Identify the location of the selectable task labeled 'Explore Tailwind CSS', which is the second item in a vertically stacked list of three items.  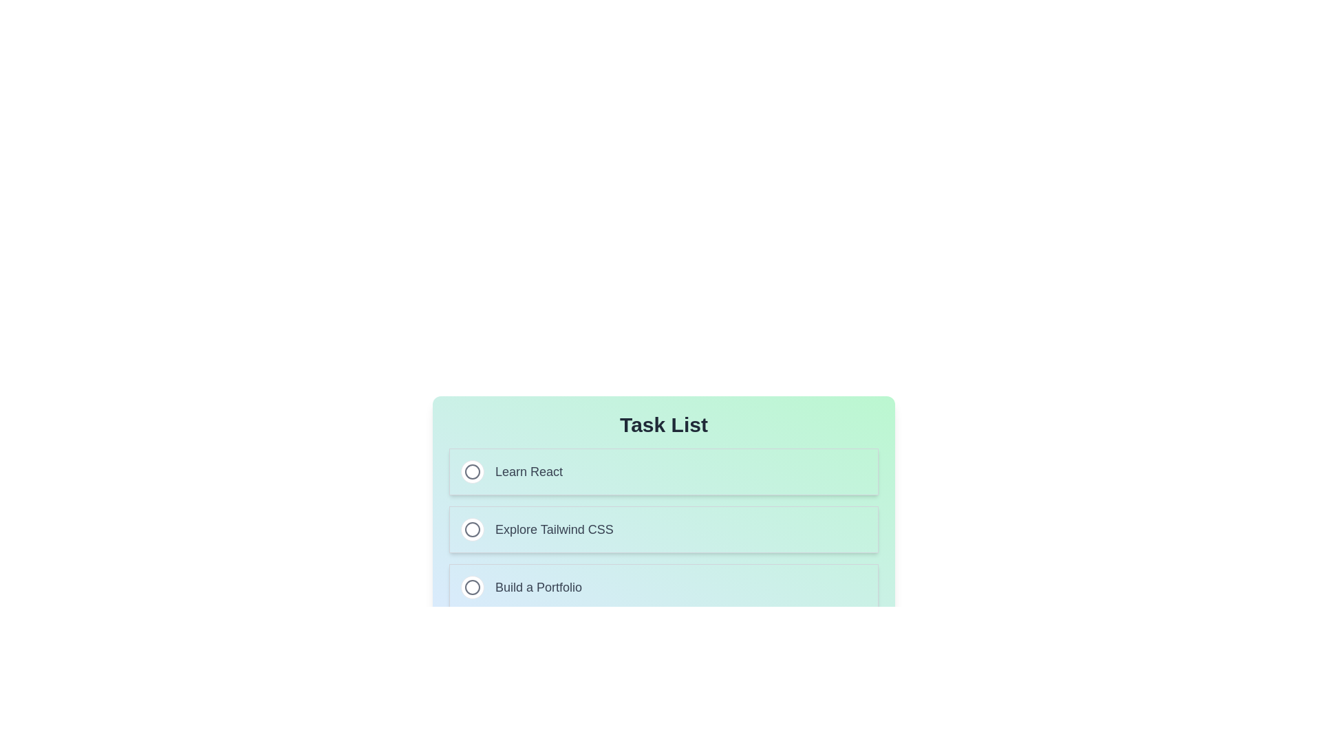
(663, 529).